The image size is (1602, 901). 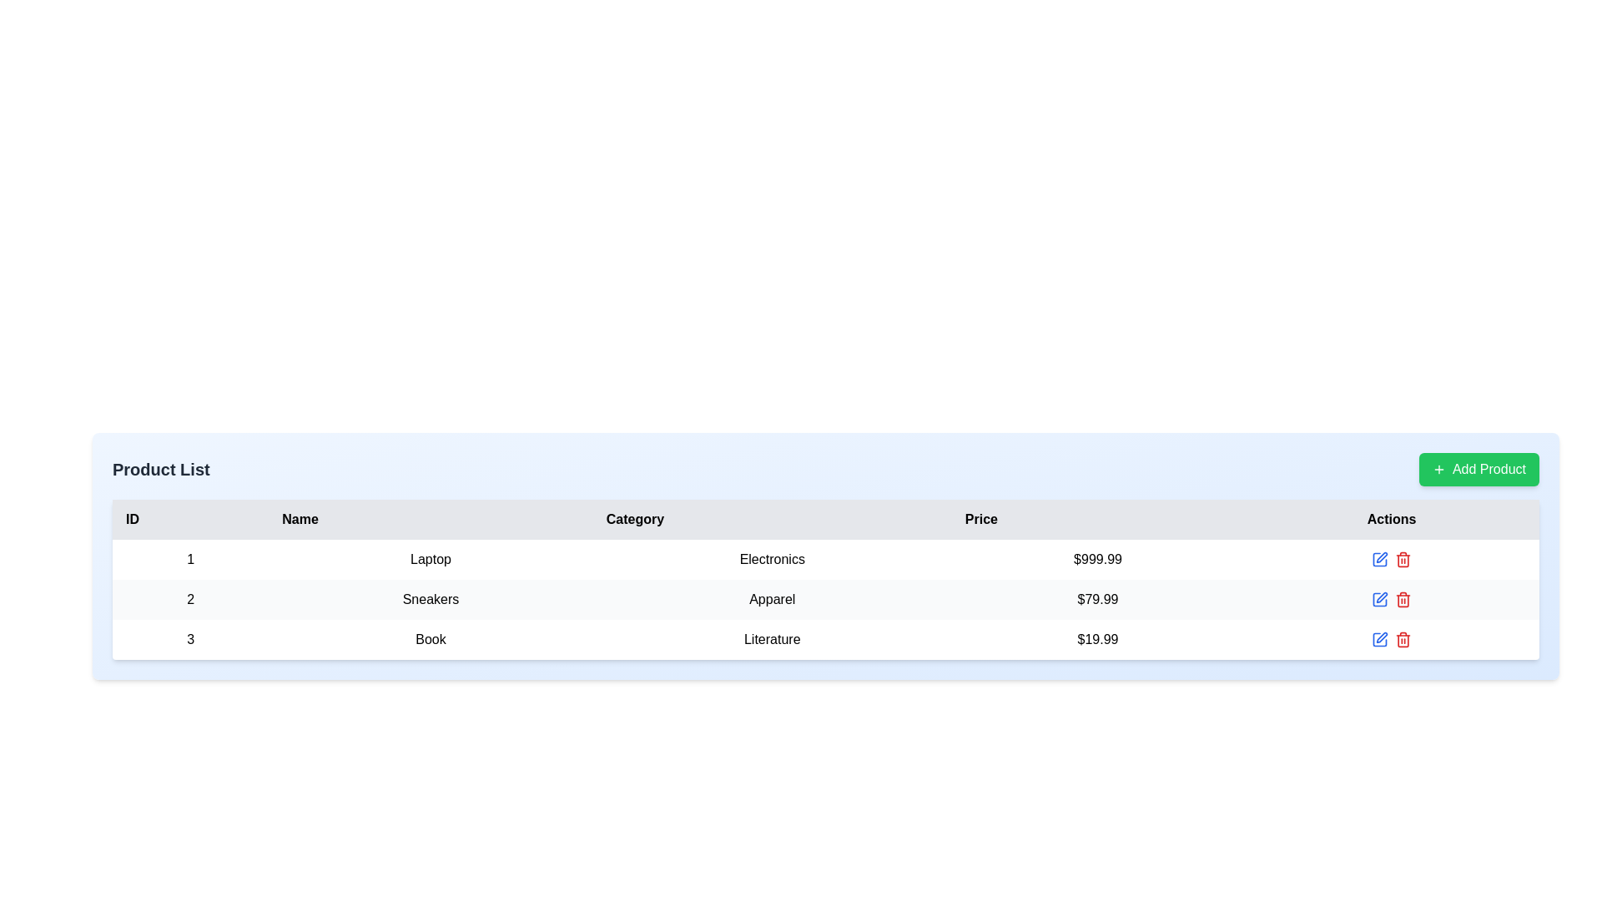 I want to click on the interactive elements within the second row of the product table labeled 'Sneakers', which contains details such as ID, category, and price, so click(x=825, y=598).